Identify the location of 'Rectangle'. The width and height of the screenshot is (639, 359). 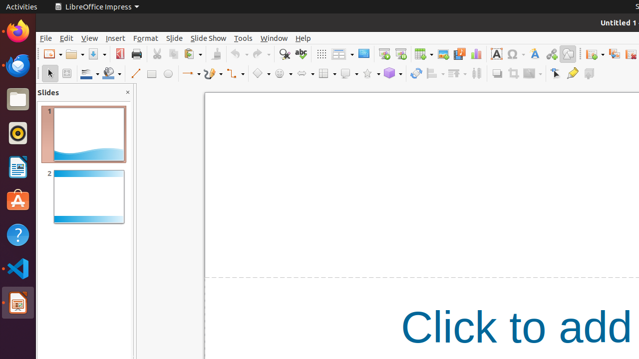
(151, 73).